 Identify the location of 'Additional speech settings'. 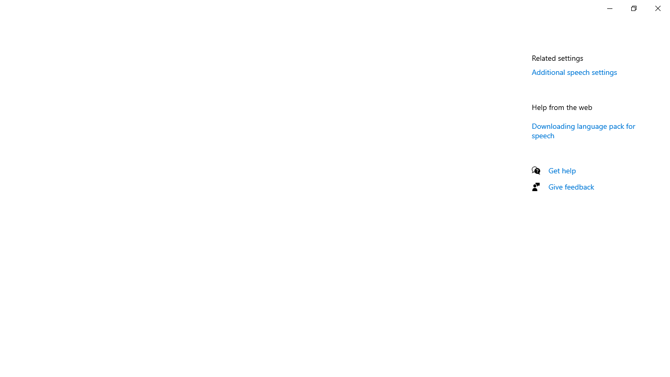
(574, 71).